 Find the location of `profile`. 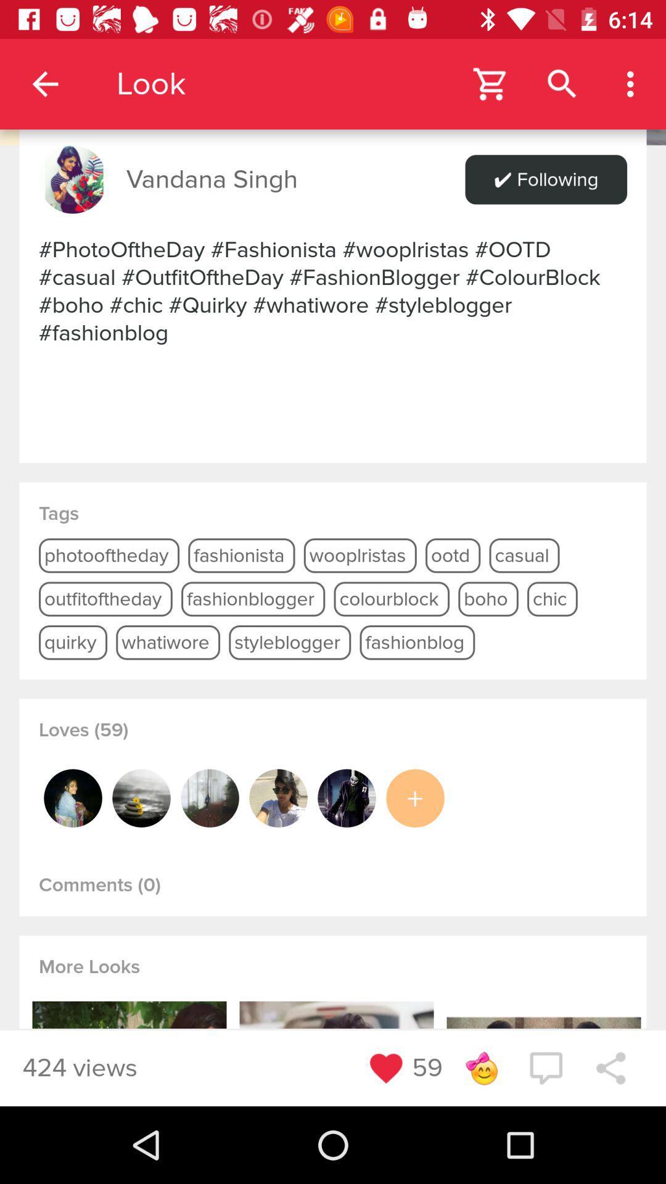

profile is located at coordinates (73, 798).